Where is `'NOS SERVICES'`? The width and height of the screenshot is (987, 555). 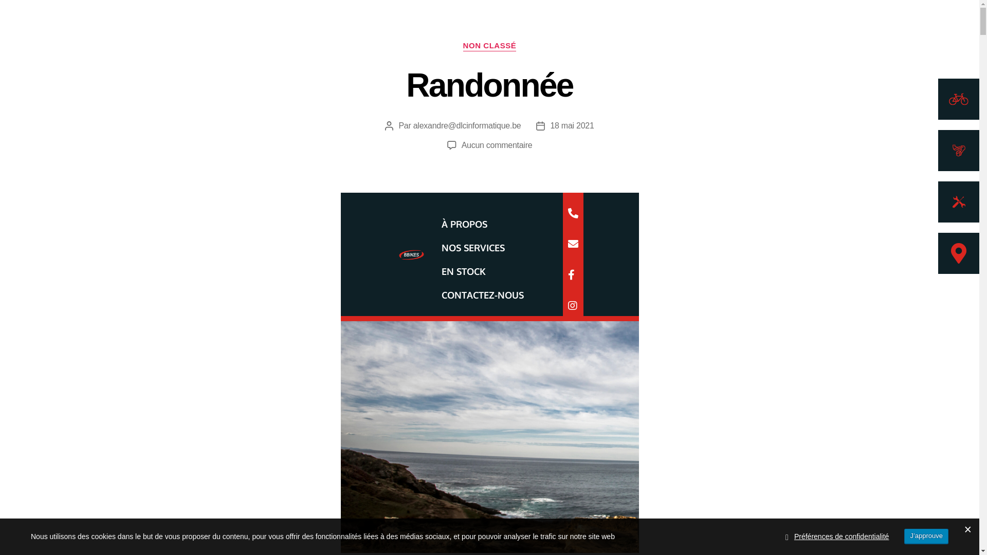
'NOS SERVICES' is located at coordinates (431, 248).